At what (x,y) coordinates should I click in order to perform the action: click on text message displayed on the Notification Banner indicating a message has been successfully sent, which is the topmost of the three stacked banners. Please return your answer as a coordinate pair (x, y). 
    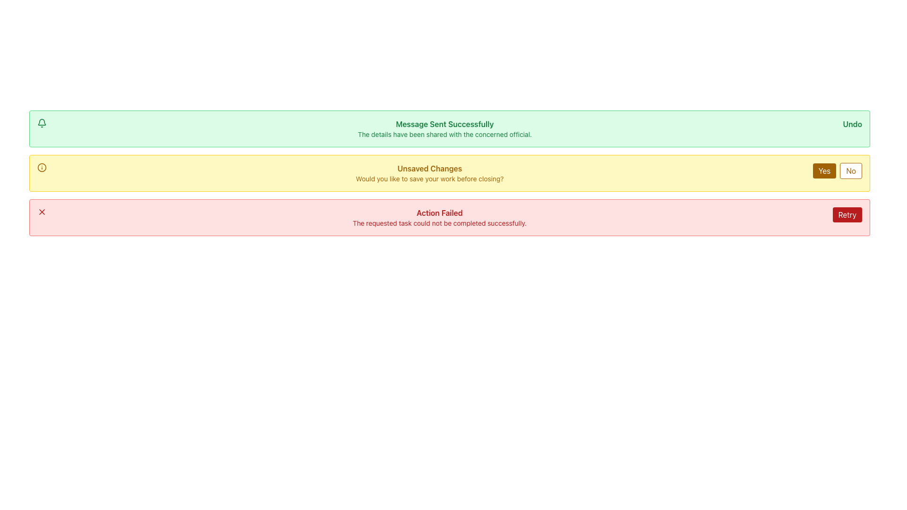
    Looking at the image, I should click on (449, 129).